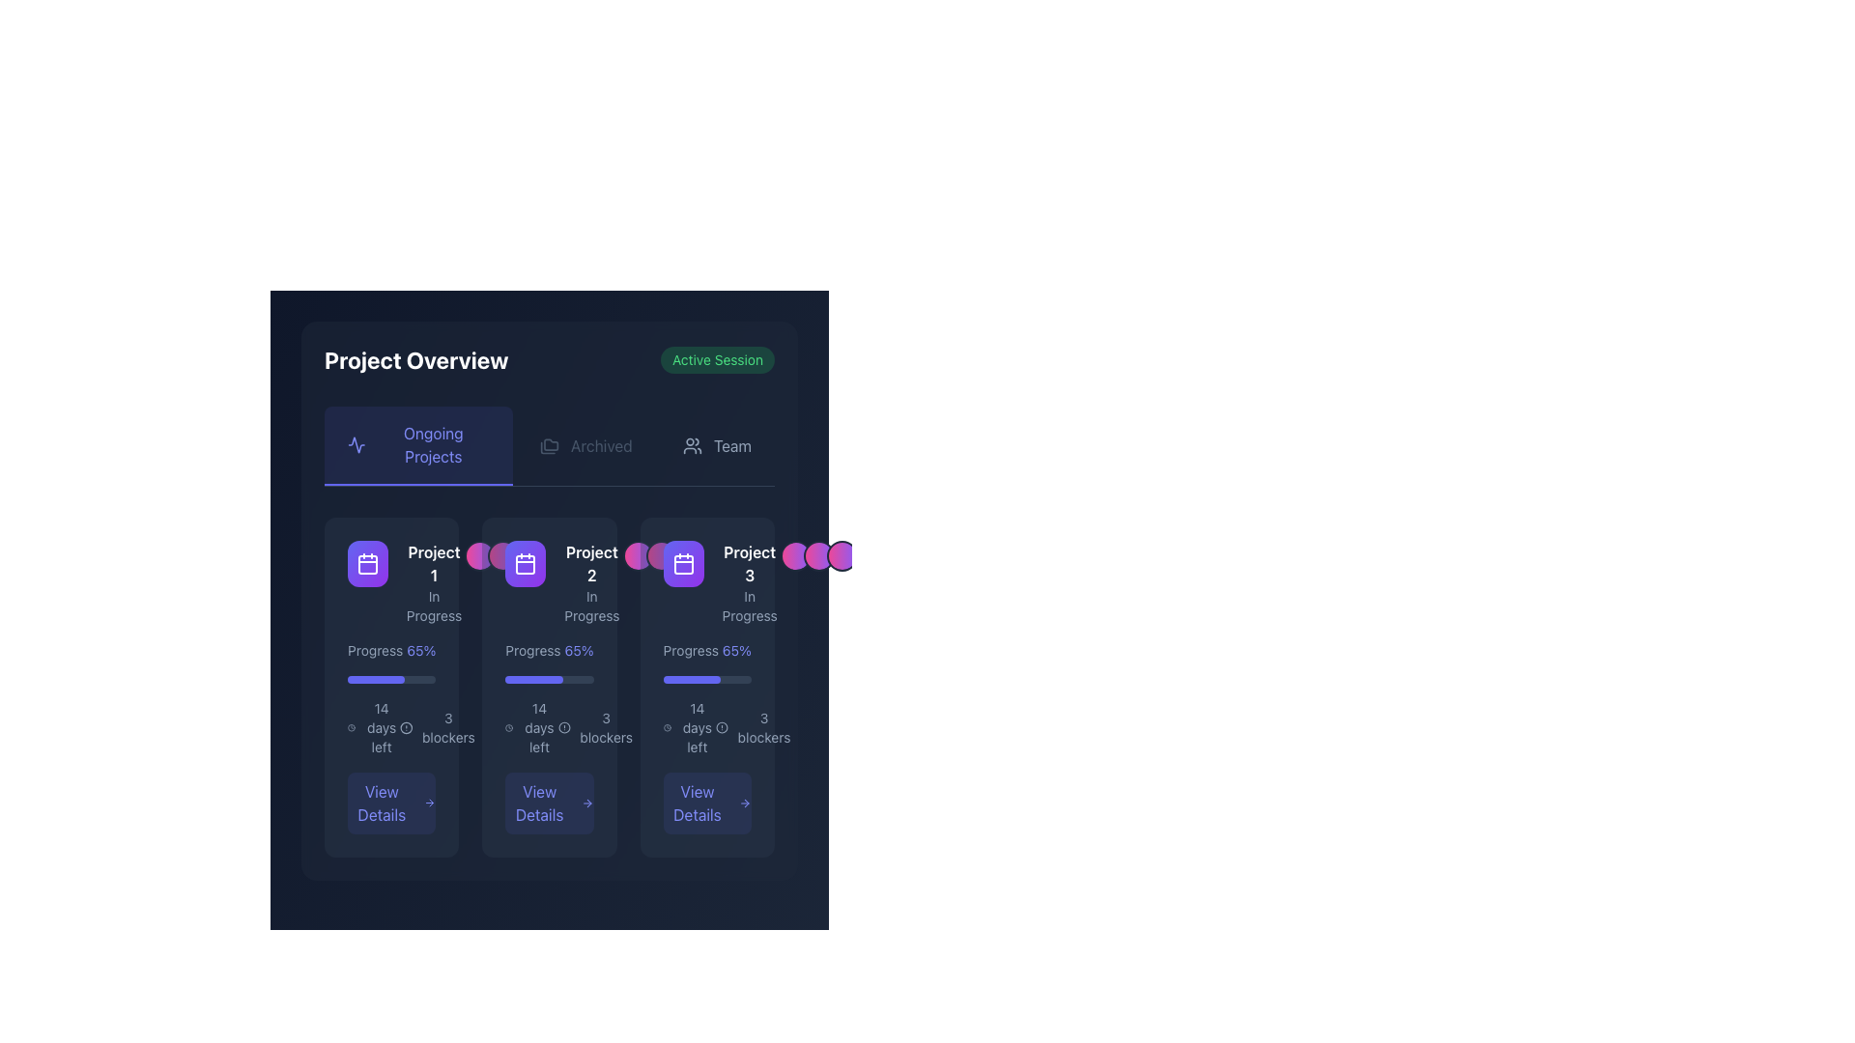  Describe the element at coordinates (753, 727) in the screenshot. I see `the descriptive label indicating '3 blockers' in the third project card of the 'Ongoing Projects' section` at that location.